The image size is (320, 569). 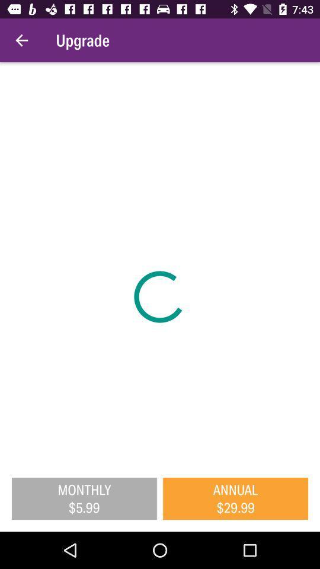 What do you see at coordinates (235, 498) in the screenshot?
I see `annual` at bounding box center [235, 498].